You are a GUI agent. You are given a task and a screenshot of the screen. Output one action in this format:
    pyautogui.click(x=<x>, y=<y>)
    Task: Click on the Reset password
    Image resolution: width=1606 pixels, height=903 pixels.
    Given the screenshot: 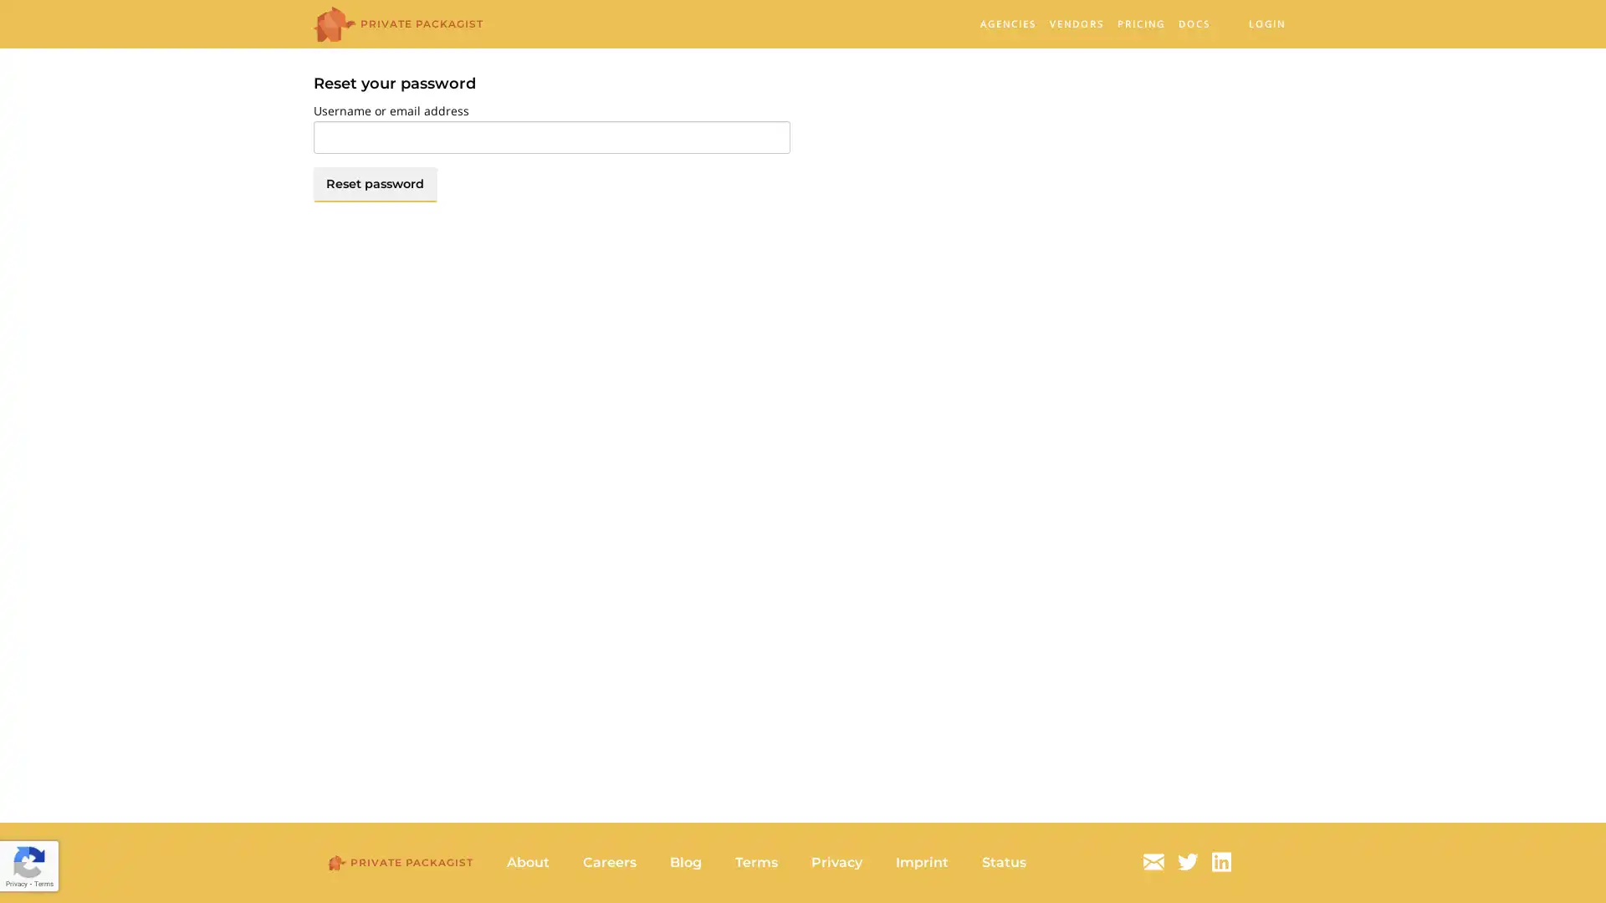 What is the action you would take?
    pyautogui.click(x=374, y=183)
    